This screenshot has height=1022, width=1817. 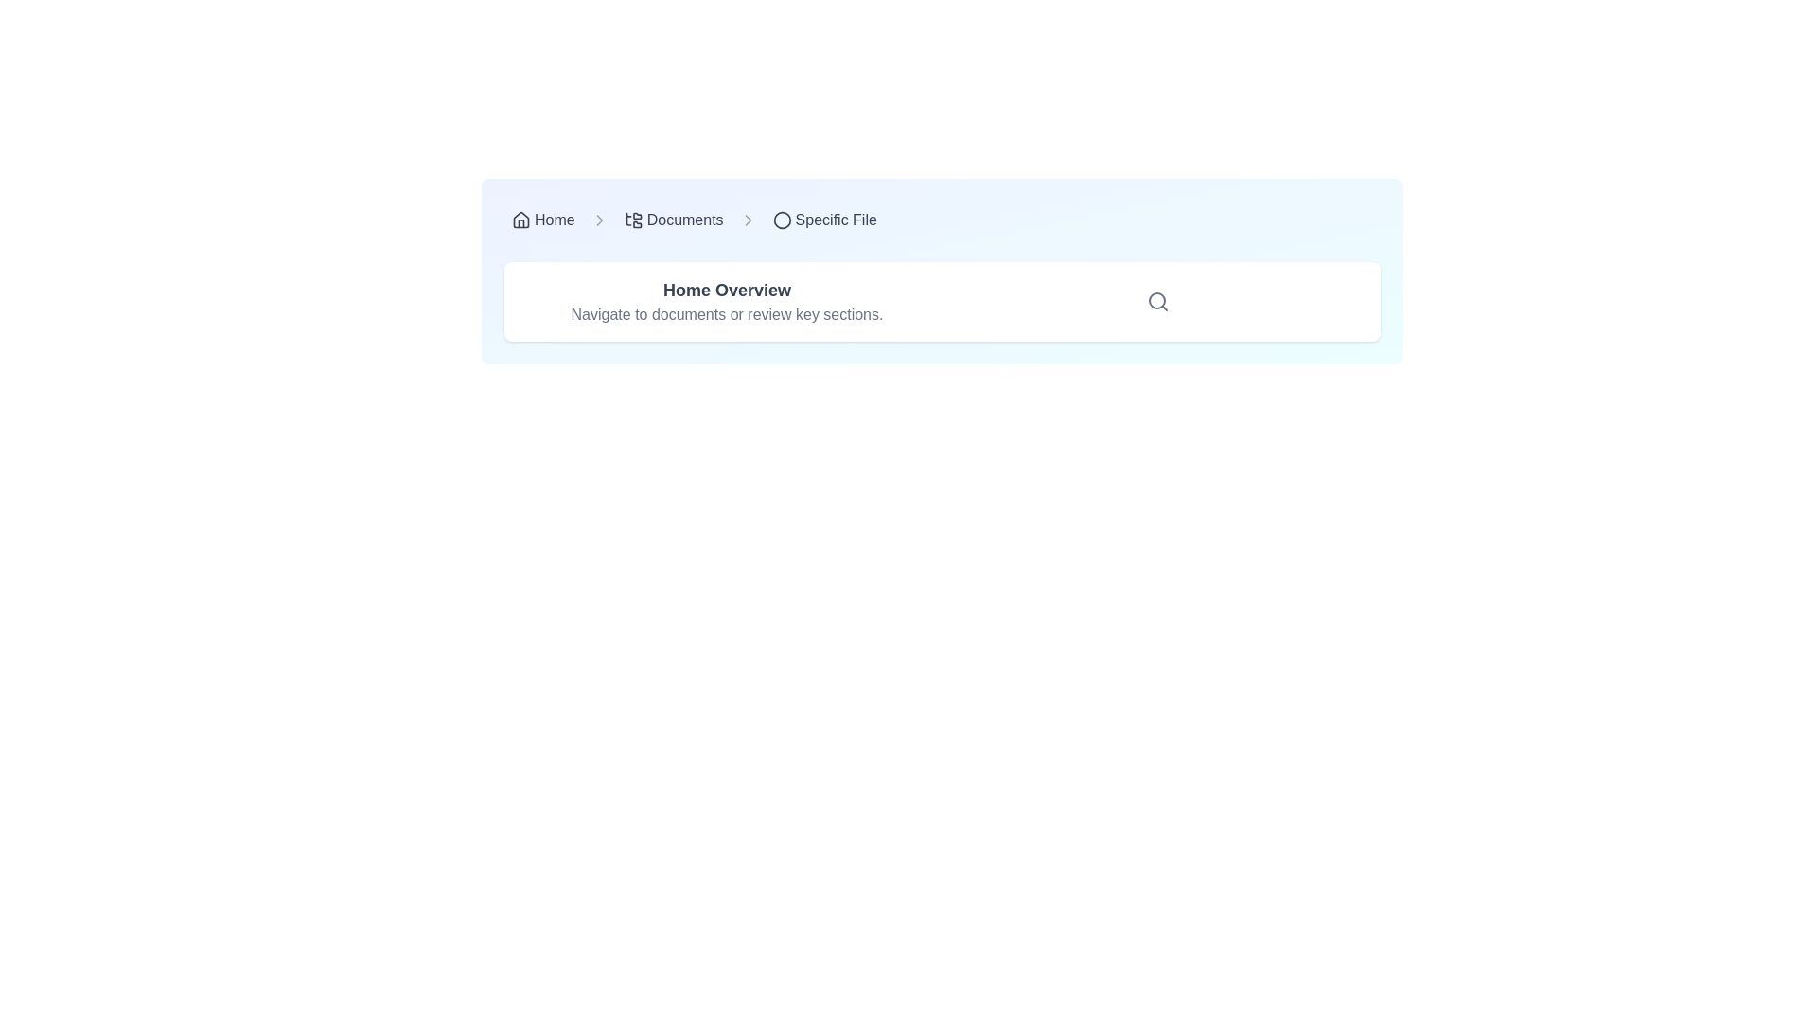 What do you see at coordinates (835, 219) in the screenshot?
I see `the breadcrumb link text labeled 'Specific File' located in the top-right corner of the navigation bar` at bounding box center [835, 219].